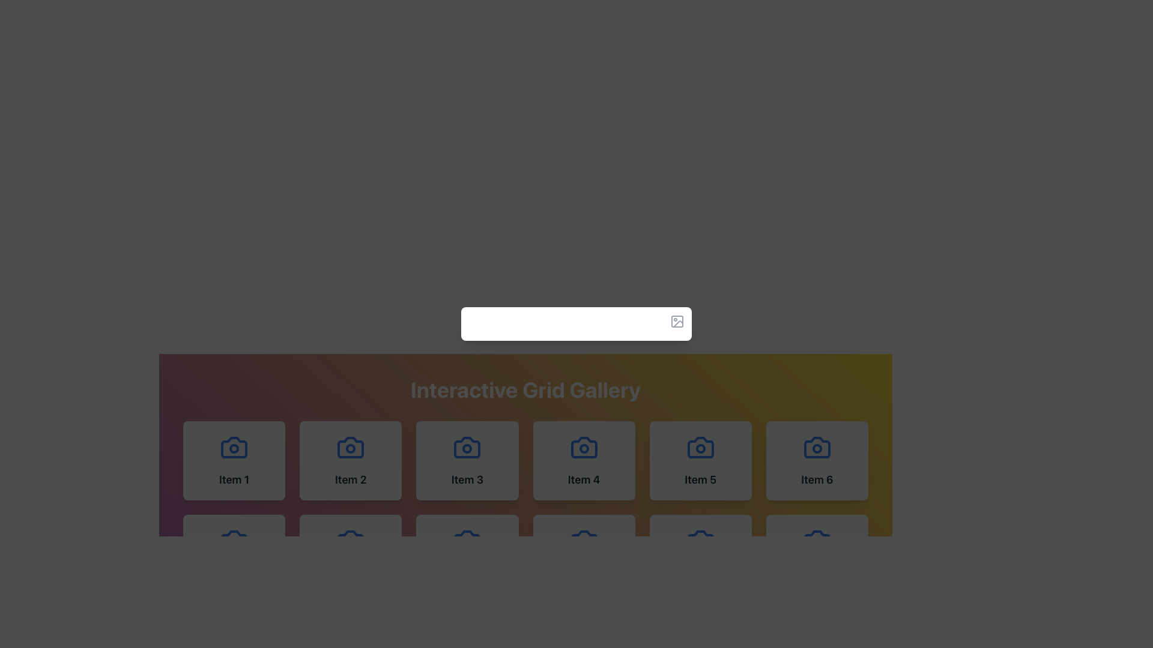  Describe the element at coordinates (525, 390) in the screenshot. I see `the Text Label (Header) that serves as the title for the section above the grid gallery` at that location.